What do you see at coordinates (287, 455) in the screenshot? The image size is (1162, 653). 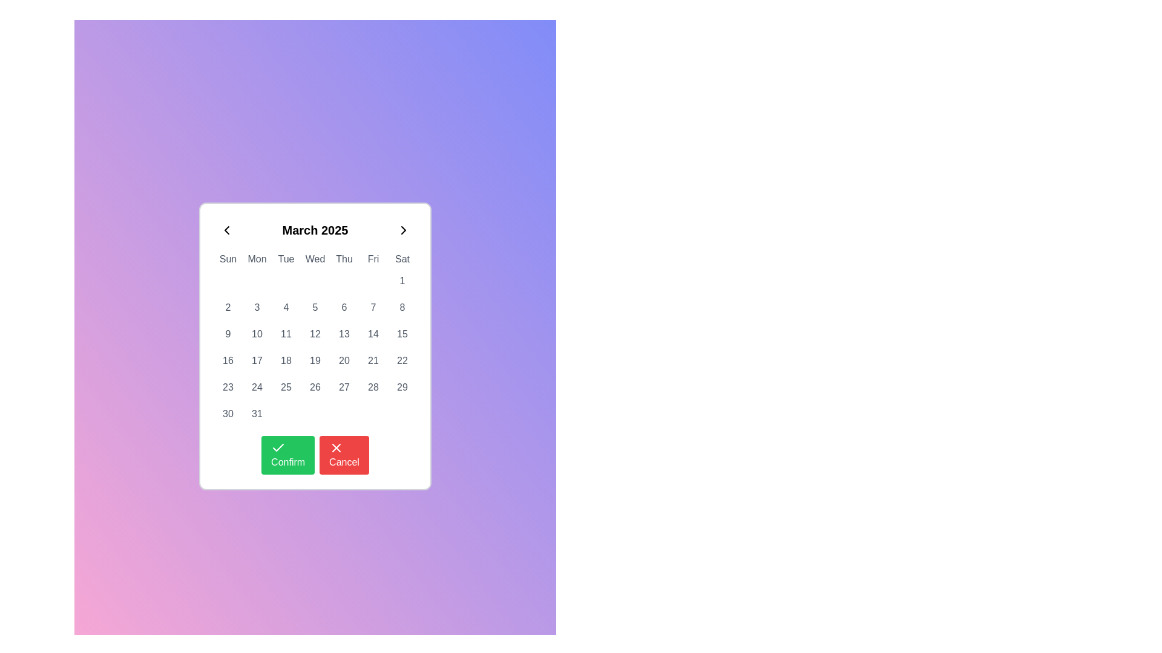 I see `the green 'Confirm' button with a white checkmark icon to confirm the action` at bounding box center [287, 455].